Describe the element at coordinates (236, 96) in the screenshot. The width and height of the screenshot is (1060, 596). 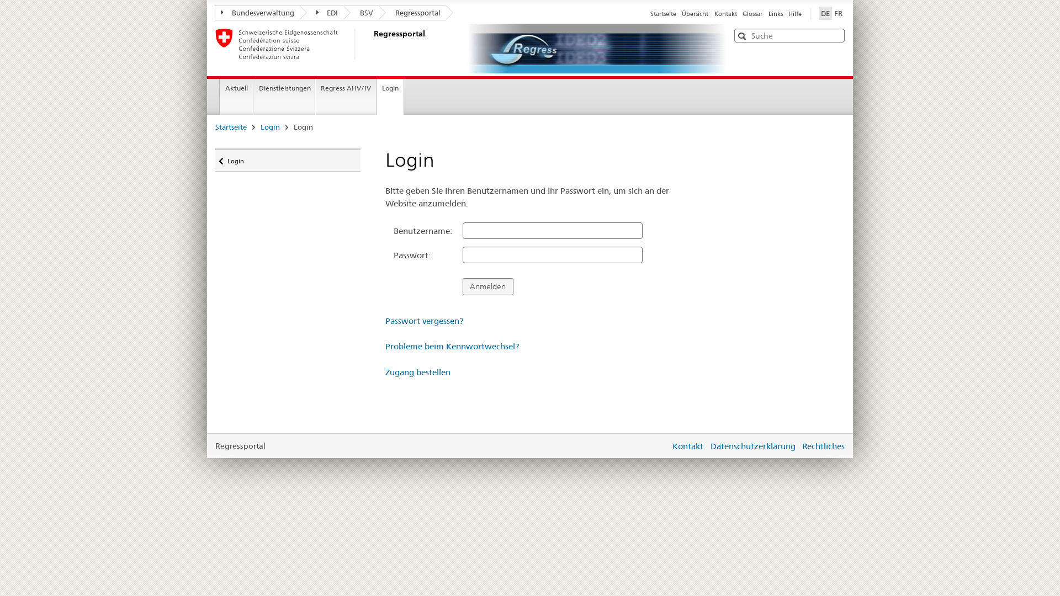
I see `'Aktuell'` at that location.